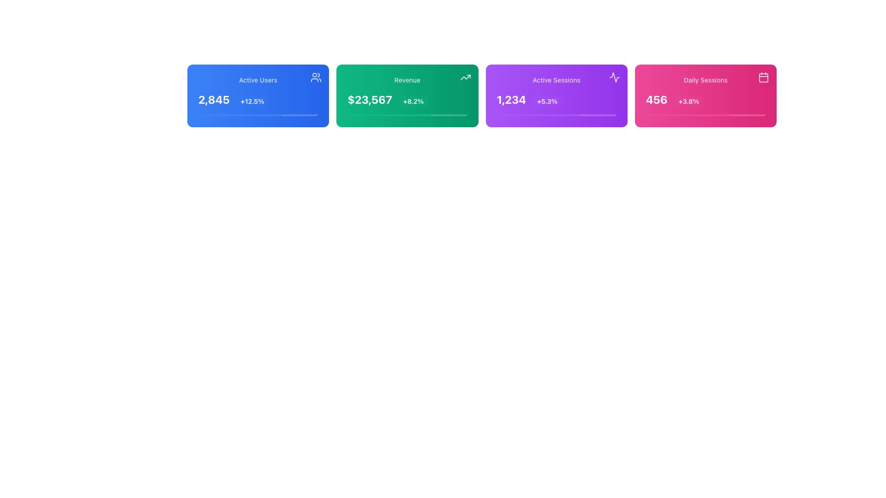 Image resolution: width=886 pixels, height=498 pixels. What do you see at coordinates (705, 96) in the screenshot?
I see `the Informational Card Content that displays daily sessions and change percentage, located in the fourth card from the left, centered within the card` at bounding box center [705, 96].